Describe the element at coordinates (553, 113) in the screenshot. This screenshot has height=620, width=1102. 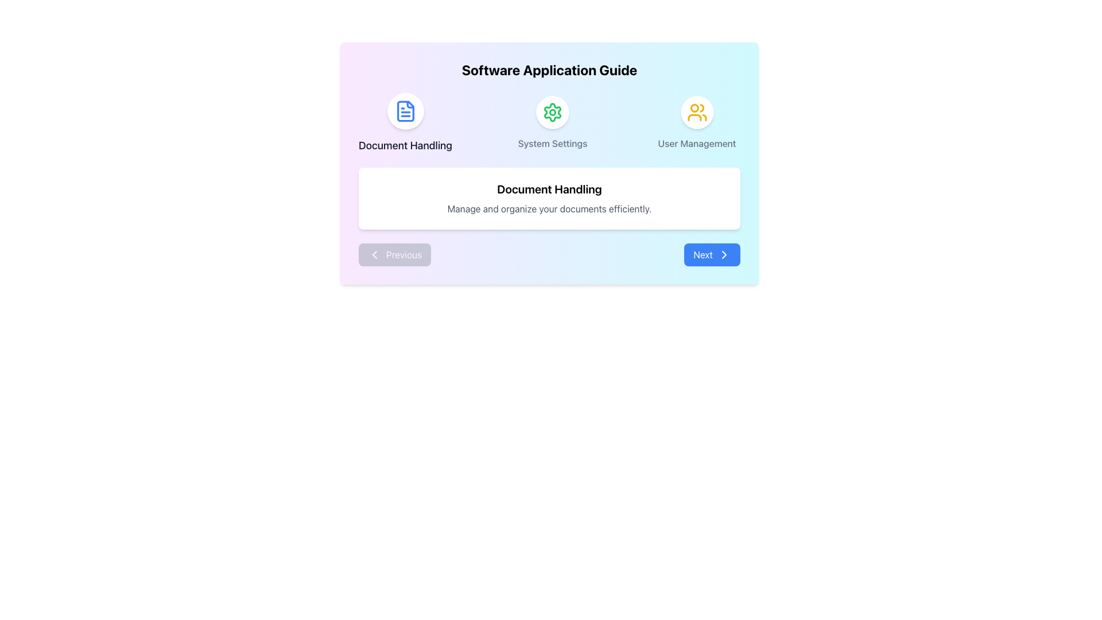
I see `the small circular SVG element located at the center of the 'System Settings' icon, which resembles a cogwheel` at that location.